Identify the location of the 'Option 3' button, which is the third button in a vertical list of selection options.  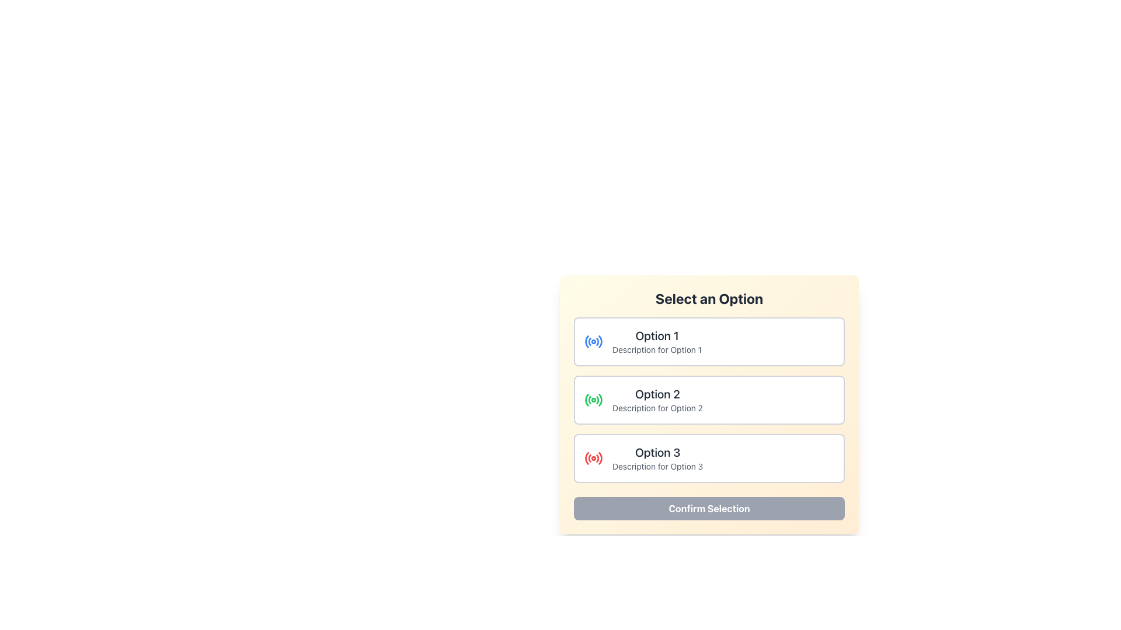
(708, 458).